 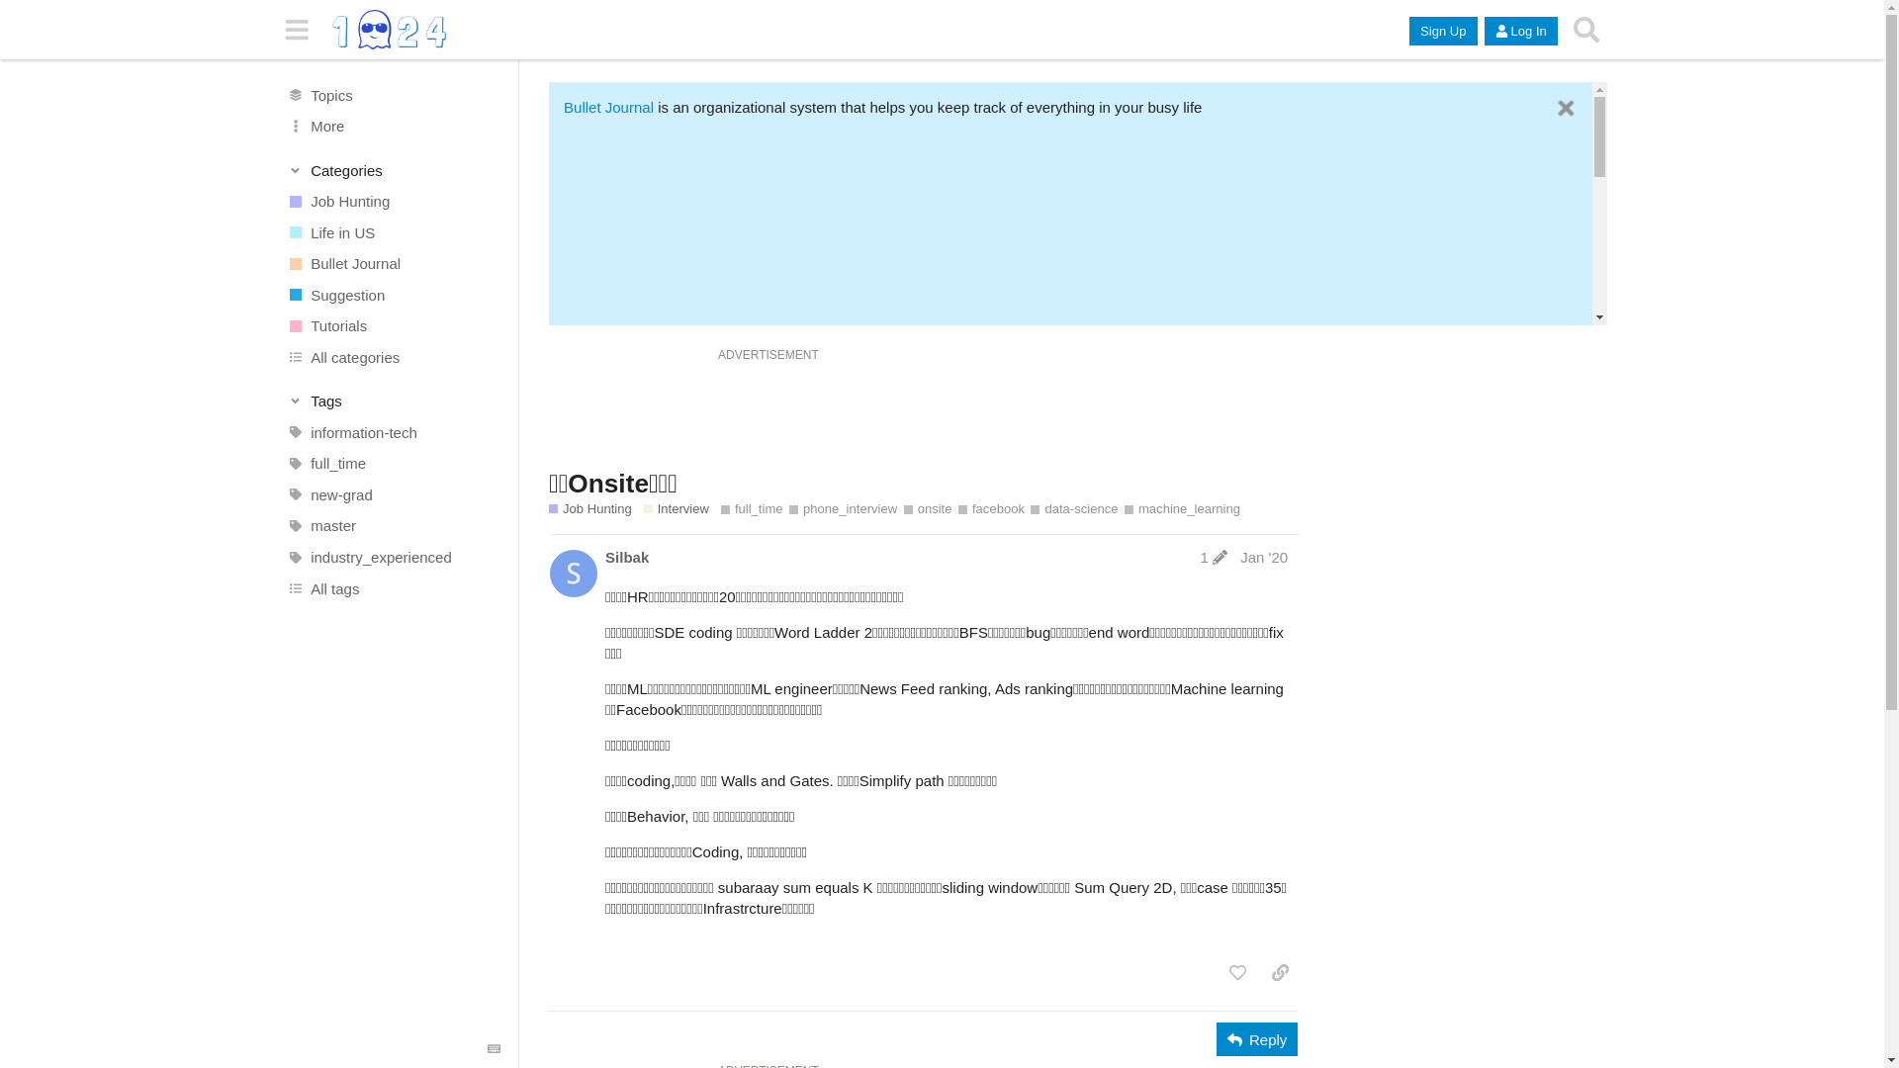 I want to click on 'Tags', so click(x=393, y=400).